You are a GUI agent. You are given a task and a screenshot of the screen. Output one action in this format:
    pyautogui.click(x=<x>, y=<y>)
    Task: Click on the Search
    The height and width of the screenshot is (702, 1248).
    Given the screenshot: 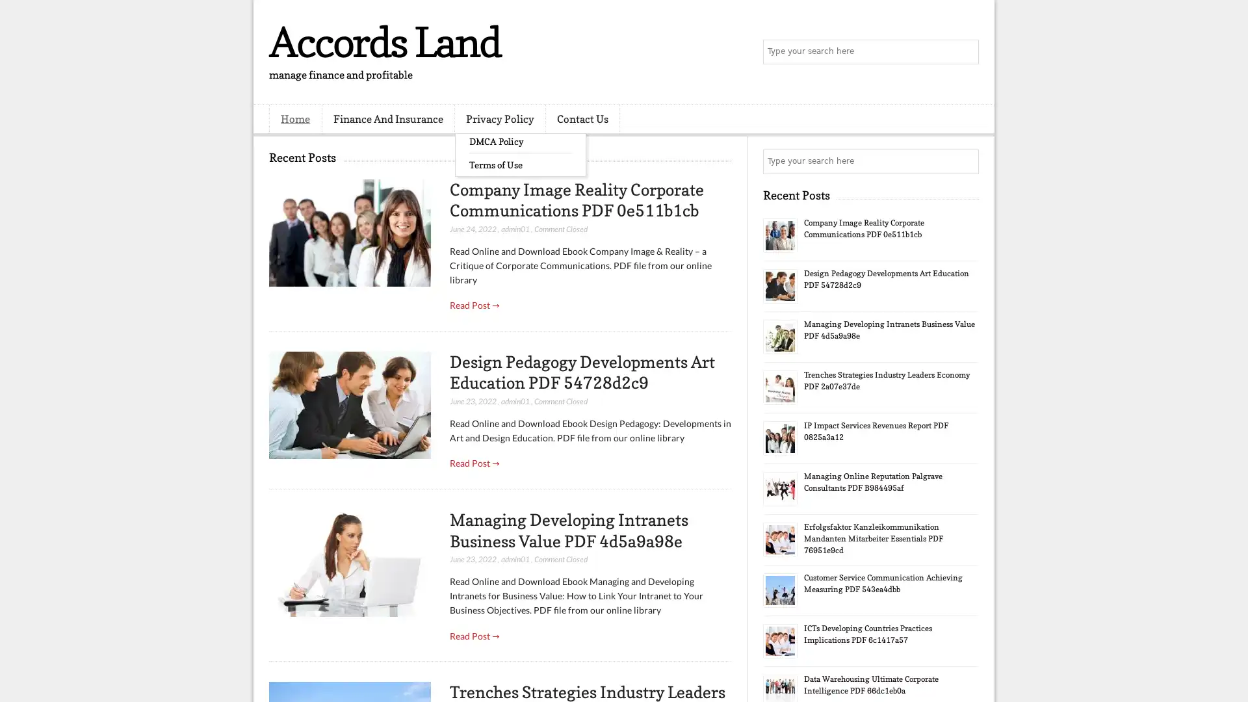 What is the action you would take?
    pyautogui.click(x=965, y=161)
    